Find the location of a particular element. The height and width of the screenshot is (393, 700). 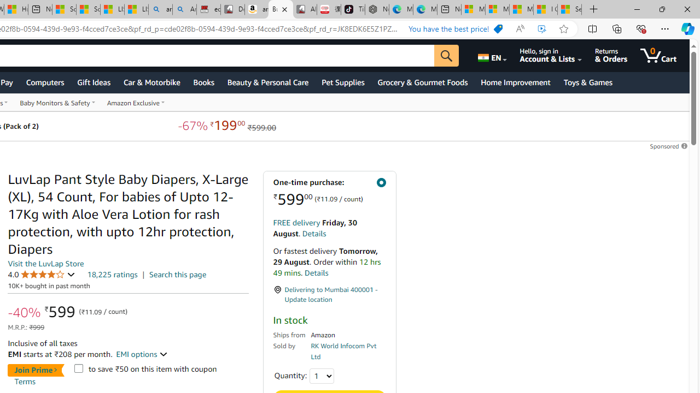

'Join Prime' is located at coordinates (35, 370).